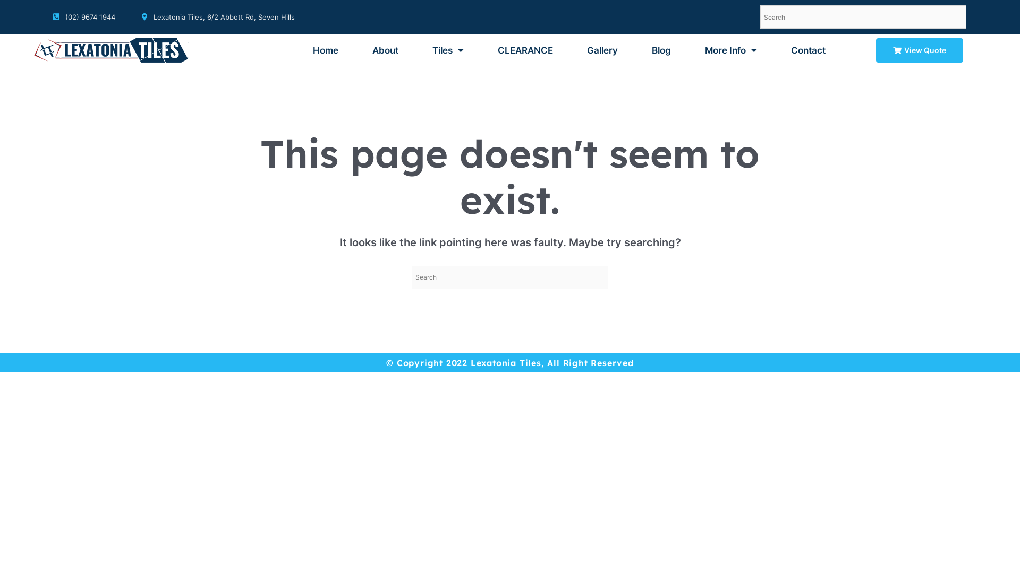 Image resolution: width=1020 pixels, height=573 pixels. Describe the element at coordinates (730, 50) in the screenshot. I see `'More Info'` at that location.